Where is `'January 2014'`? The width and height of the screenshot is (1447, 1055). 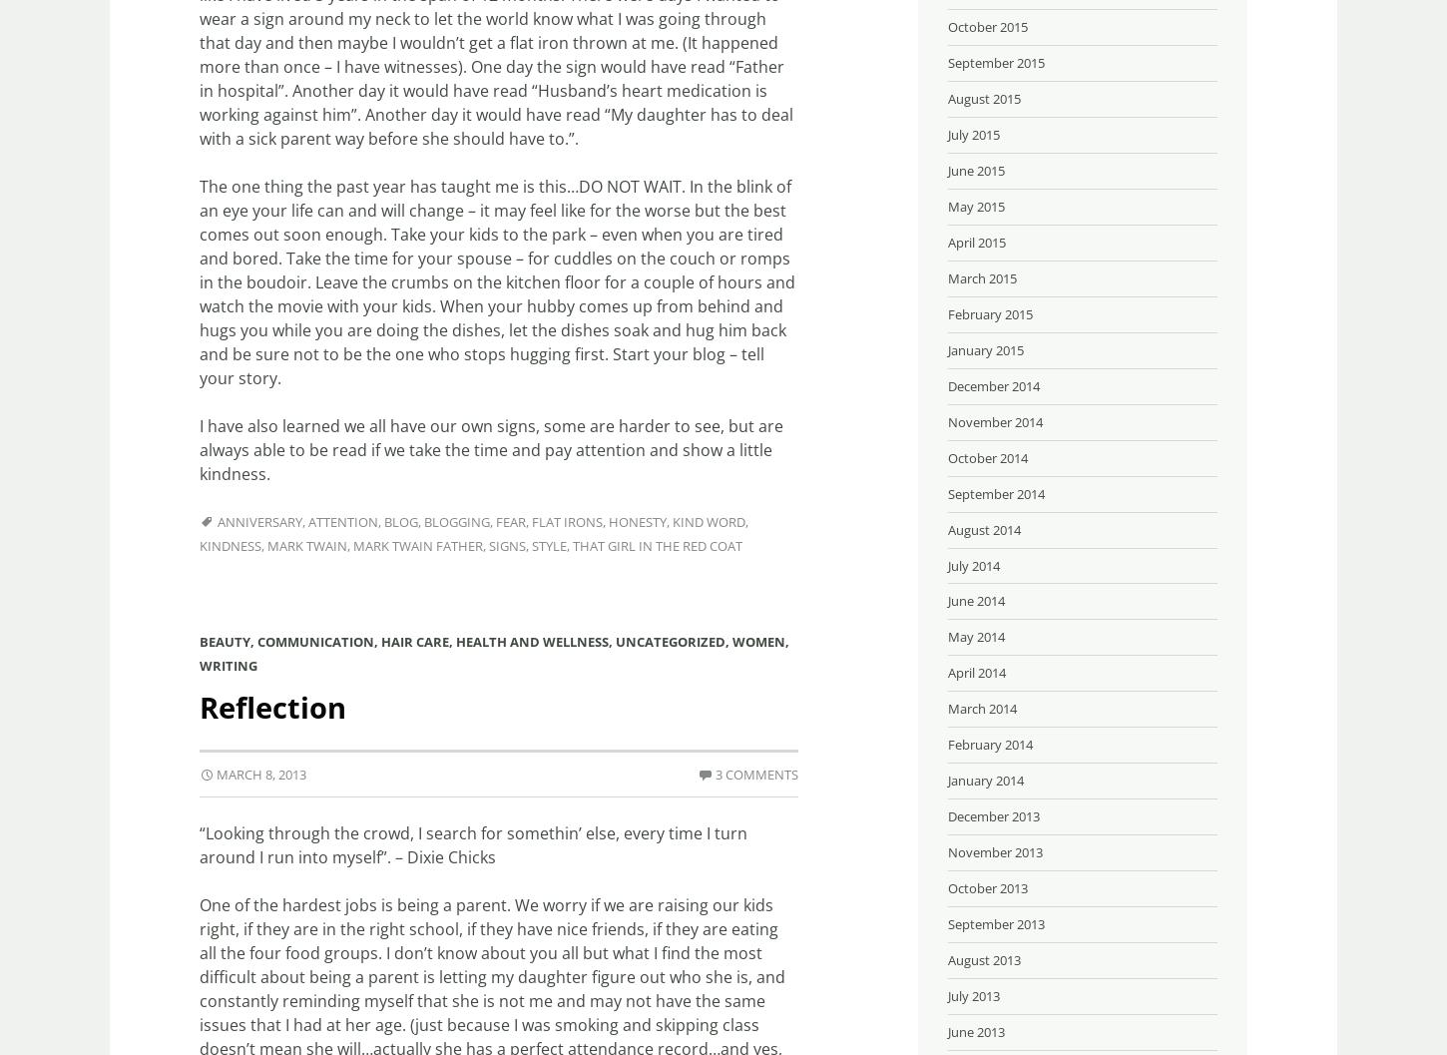 'January 2014' is located at coordinates (947, 780).